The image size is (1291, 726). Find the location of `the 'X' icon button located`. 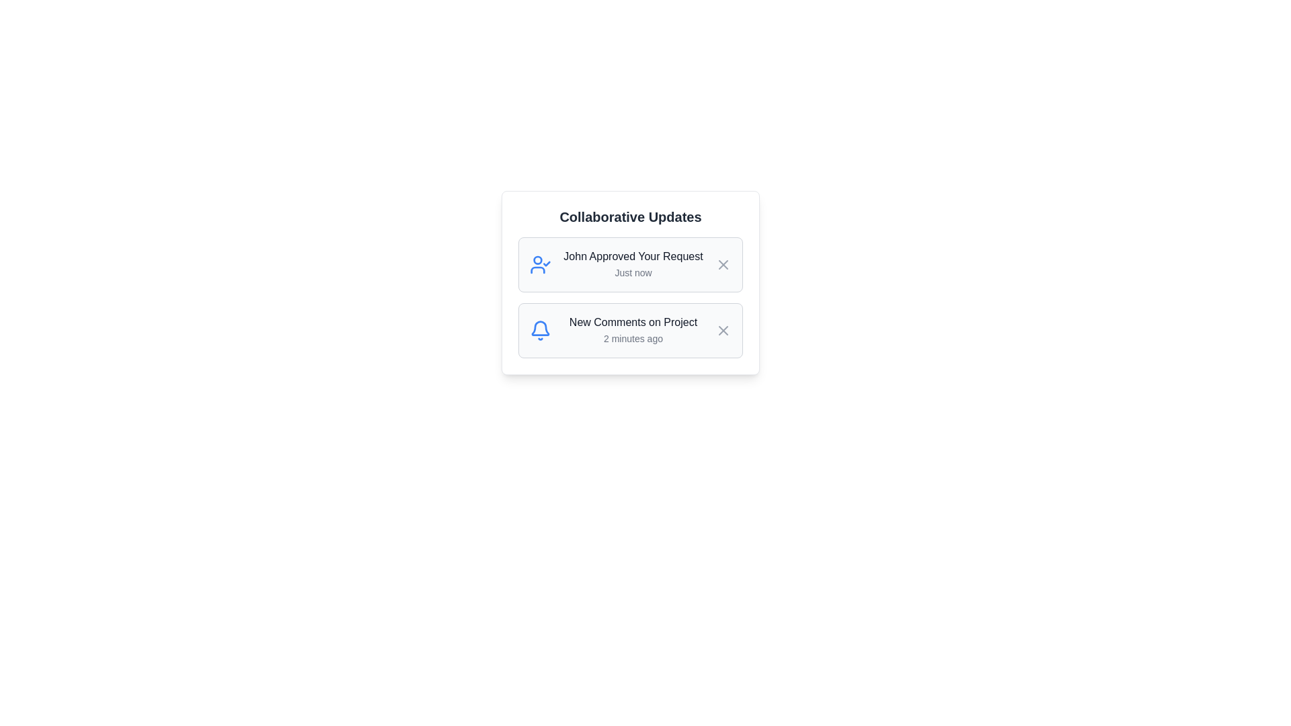

the 'X' icon button located is located at coordinates (722, 331).